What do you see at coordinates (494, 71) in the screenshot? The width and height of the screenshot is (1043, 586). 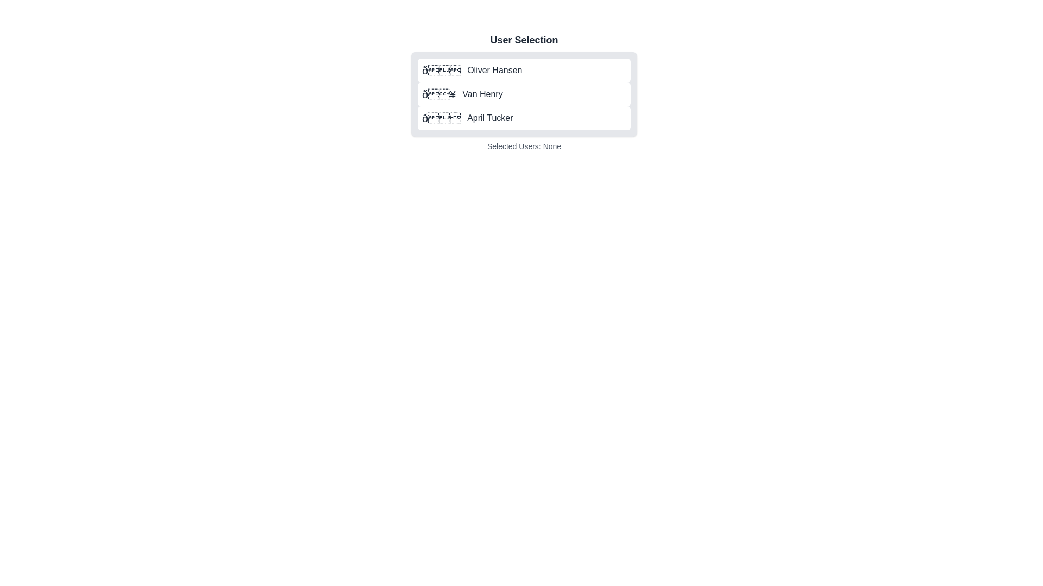 I see `the static text label displaying 'Oliver Hansen', which is positioned adjacent to an emoji-like symbol in the 'User Selection' list` at bounding box center [494, 71].